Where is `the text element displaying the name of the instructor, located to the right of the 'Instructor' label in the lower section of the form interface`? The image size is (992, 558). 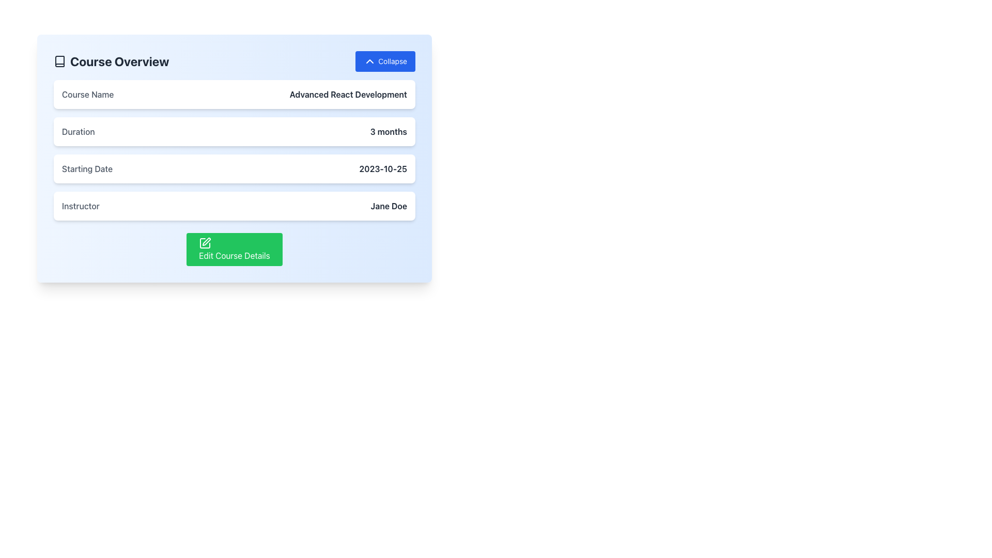 the text element displaying the name of the instructor, located to the right of the 'Instructor' label in the lower section of the form interface is located at coordinates (388, 206).